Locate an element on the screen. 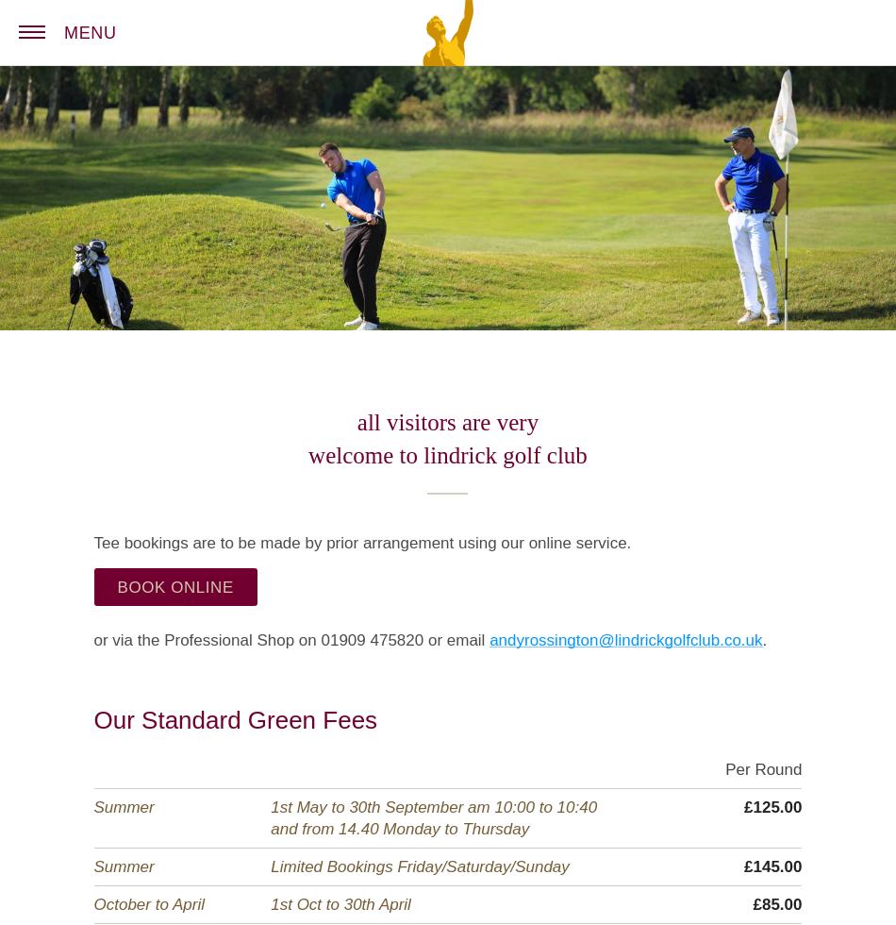  'Per Round' is located at coordinates (762, 768).